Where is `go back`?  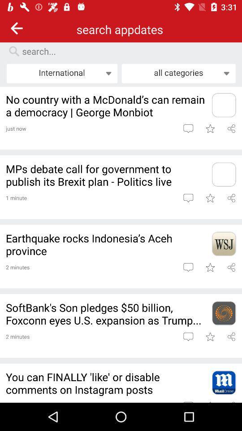 go back is located at coordinates (17, 28).